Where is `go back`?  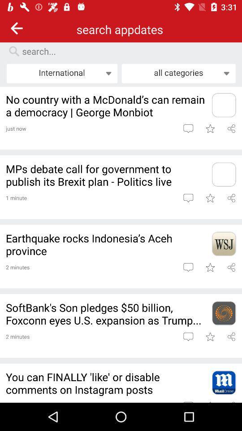 go back is located at coordinates (17, 28).